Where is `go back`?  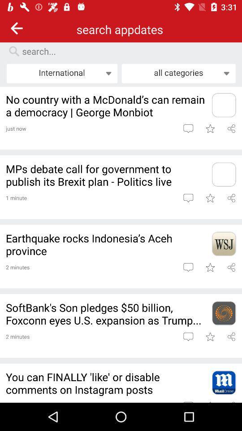 go back is located at coordinates (17, 28).